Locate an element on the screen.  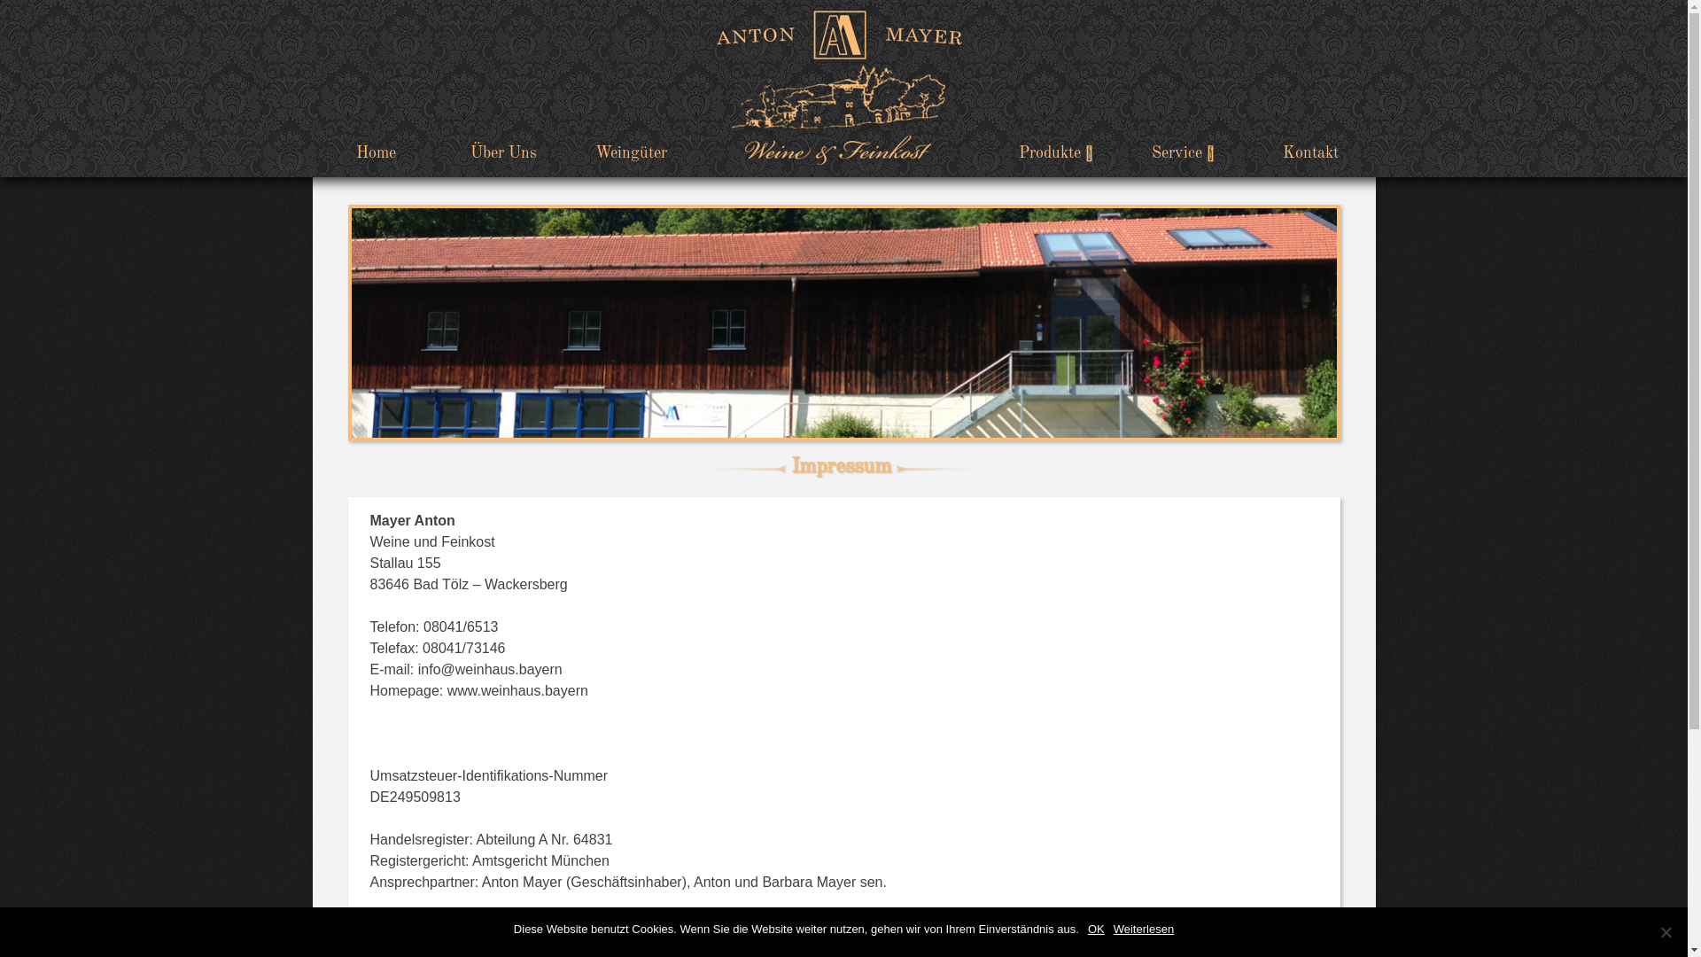
'Service' is located at coordinates (1183, 152).